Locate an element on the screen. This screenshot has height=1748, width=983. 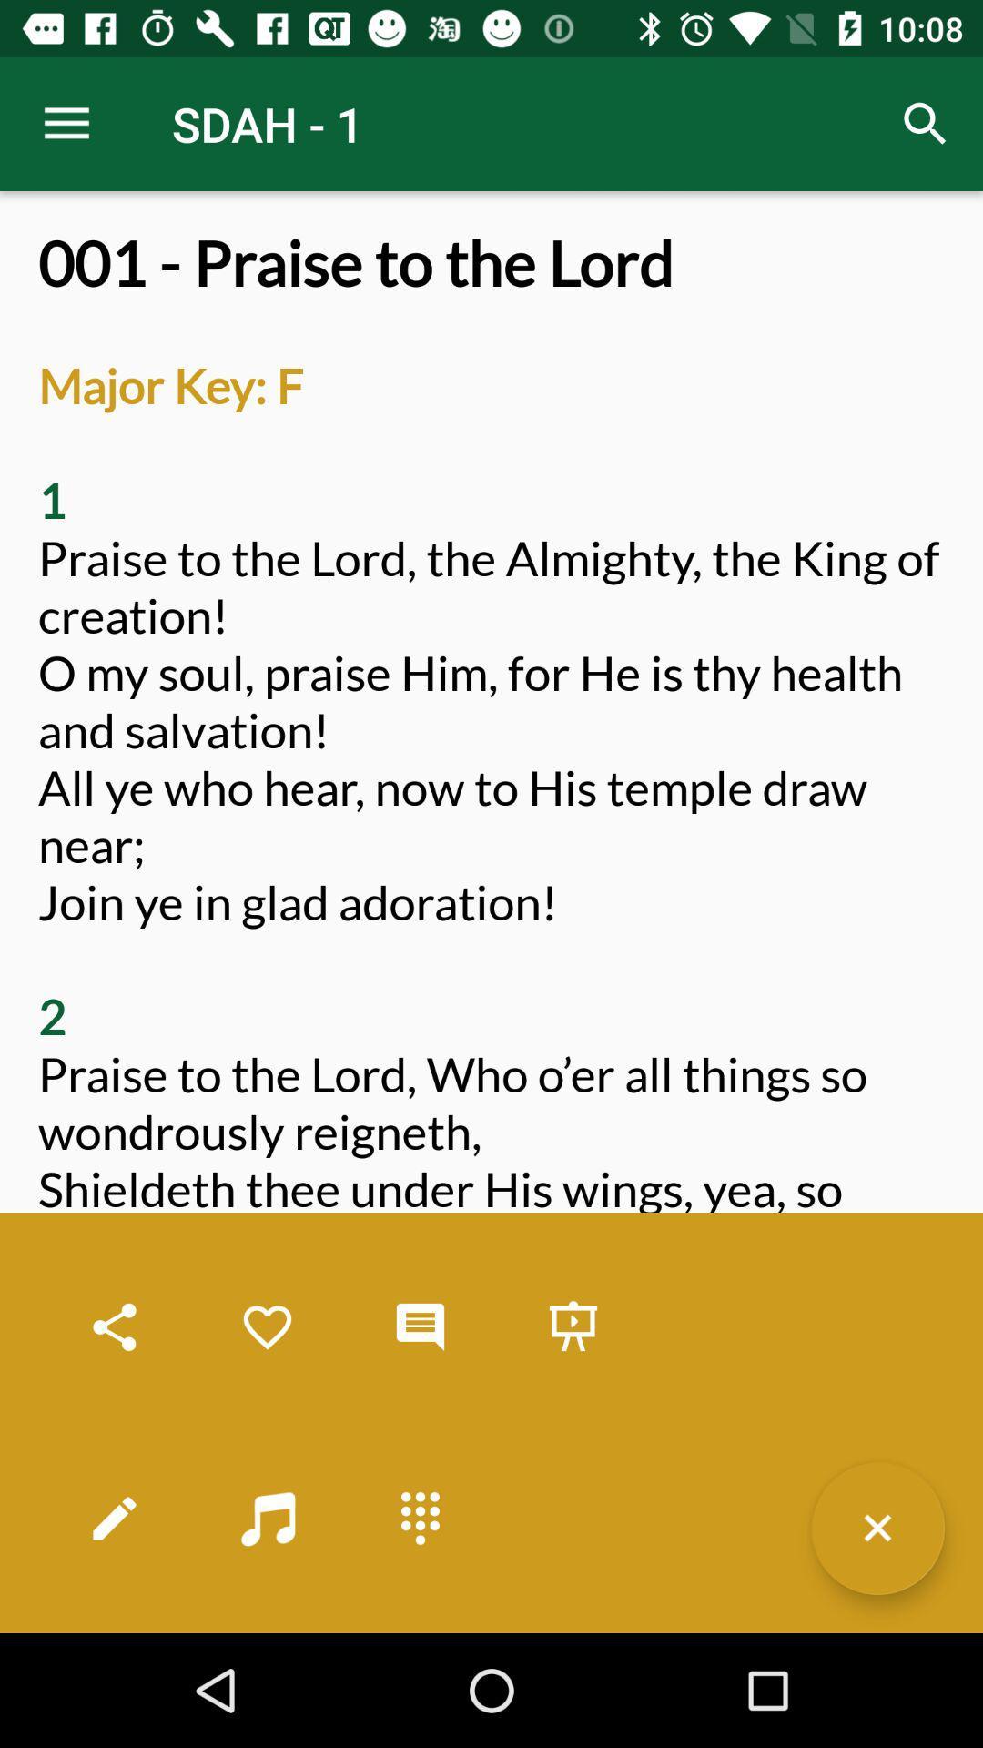
leave a comment is located at coordinates (421, 1327).